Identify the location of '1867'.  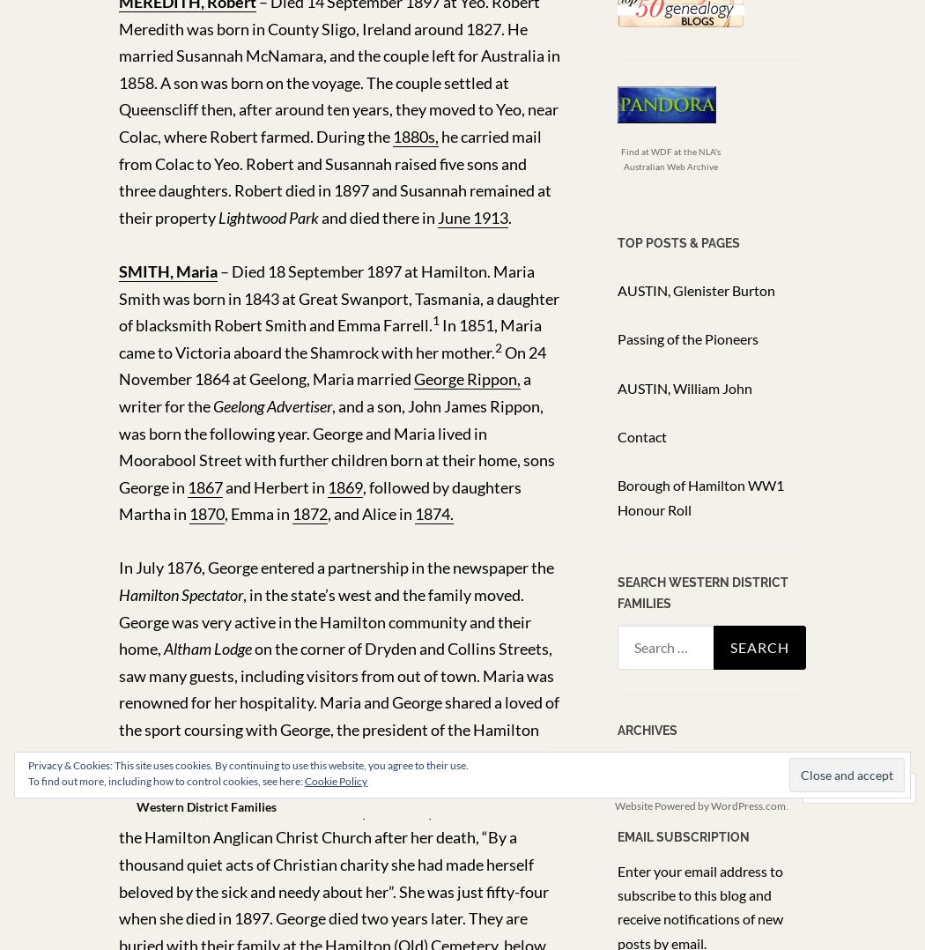
(187, 486).